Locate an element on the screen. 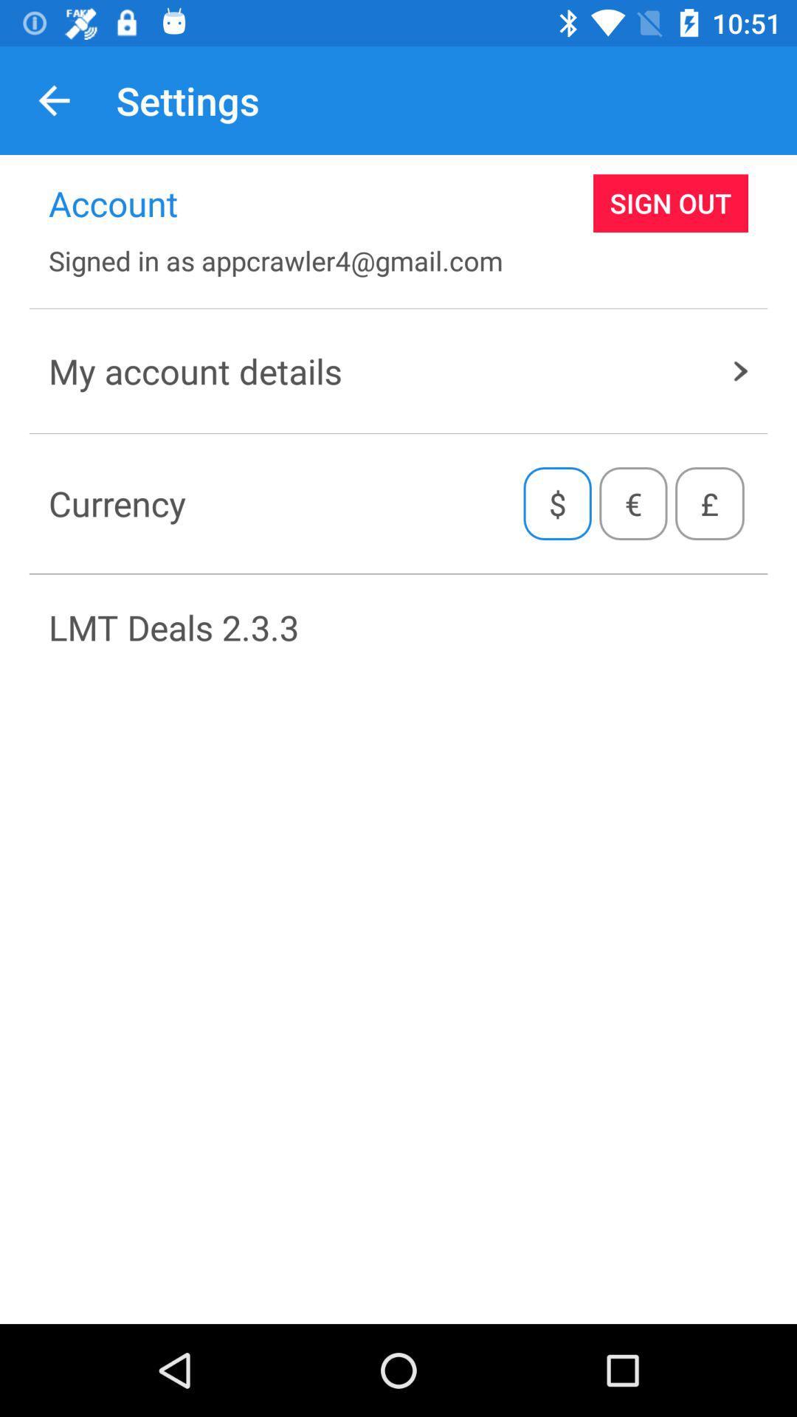  icon to the right of the $ icon is located at coordinates (632, 503).